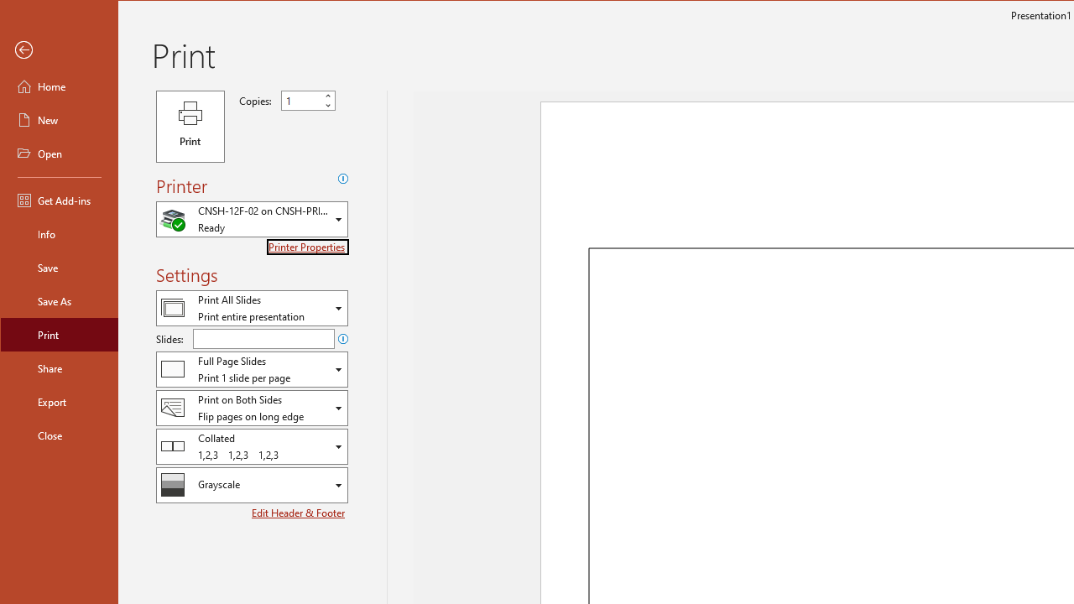  What do you see at coordinates (300, 100) in the screenshot?
I see `'Copies'` at bounding box center [300, 100].